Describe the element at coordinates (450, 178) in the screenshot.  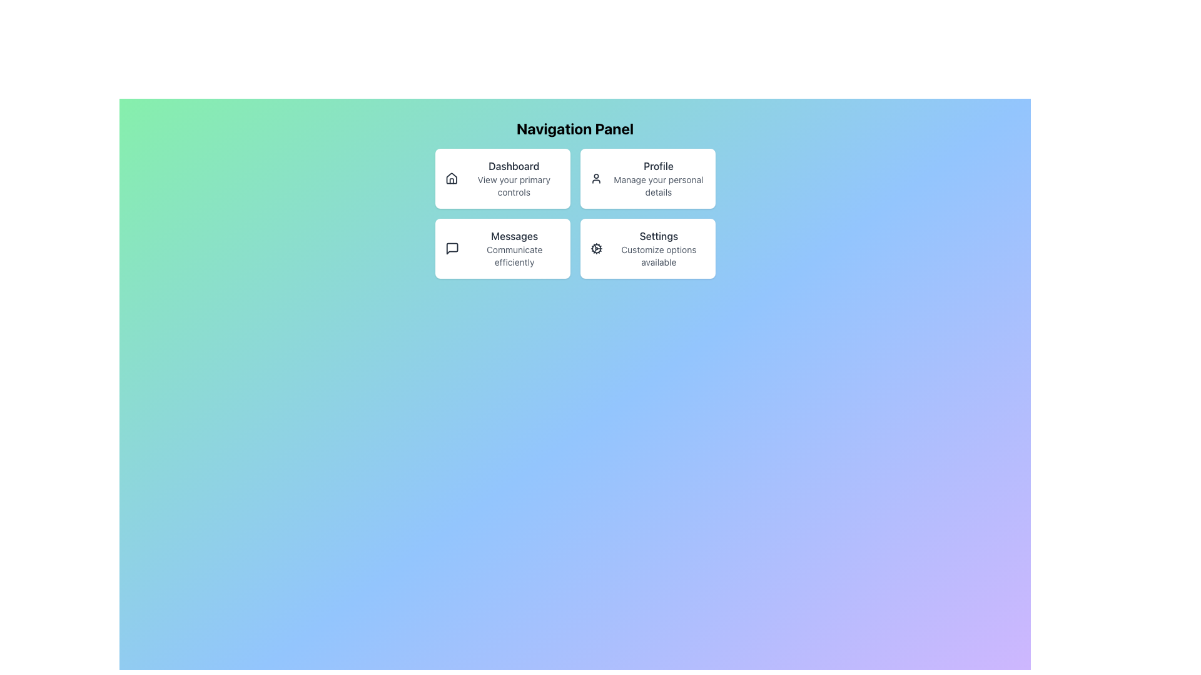
I see `the black house-shaped icon located in the navigation panel next to the 'Dashboard' label` at that location.